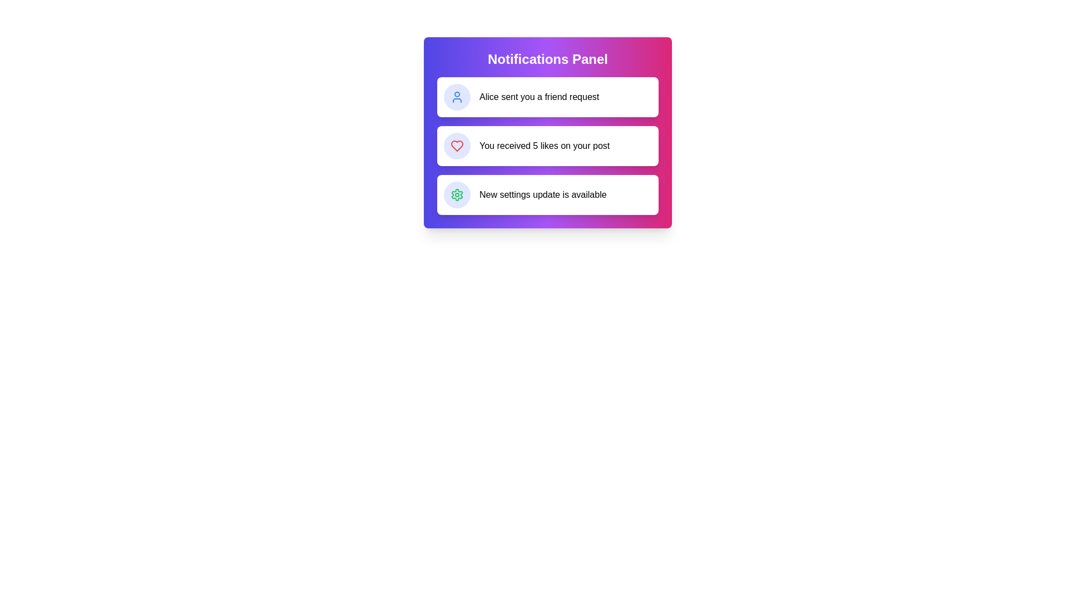 The image size is (1068, 600). I want to click on the notification icon indicating likes, which is located at the leftmost position of the notification item stating 'You received 5 likes on your post', so click(457, 145).